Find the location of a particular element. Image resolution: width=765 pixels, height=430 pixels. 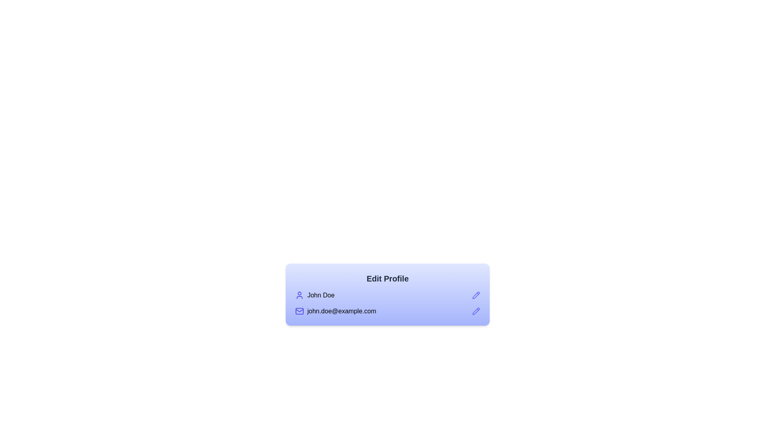

the 'edit' icon located on the right side of the 'Edit Profile' box is located at coordinates (476, 295).